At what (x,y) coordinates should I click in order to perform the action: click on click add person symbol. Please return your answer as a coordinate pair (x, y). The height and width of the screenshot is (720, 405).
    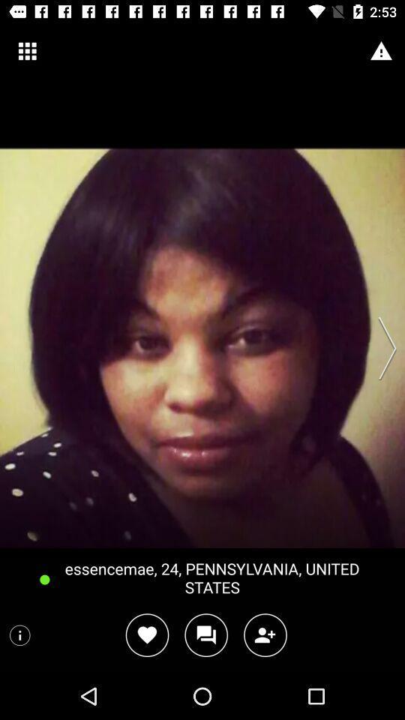
    Looking at the image, I should click on (265, 634).